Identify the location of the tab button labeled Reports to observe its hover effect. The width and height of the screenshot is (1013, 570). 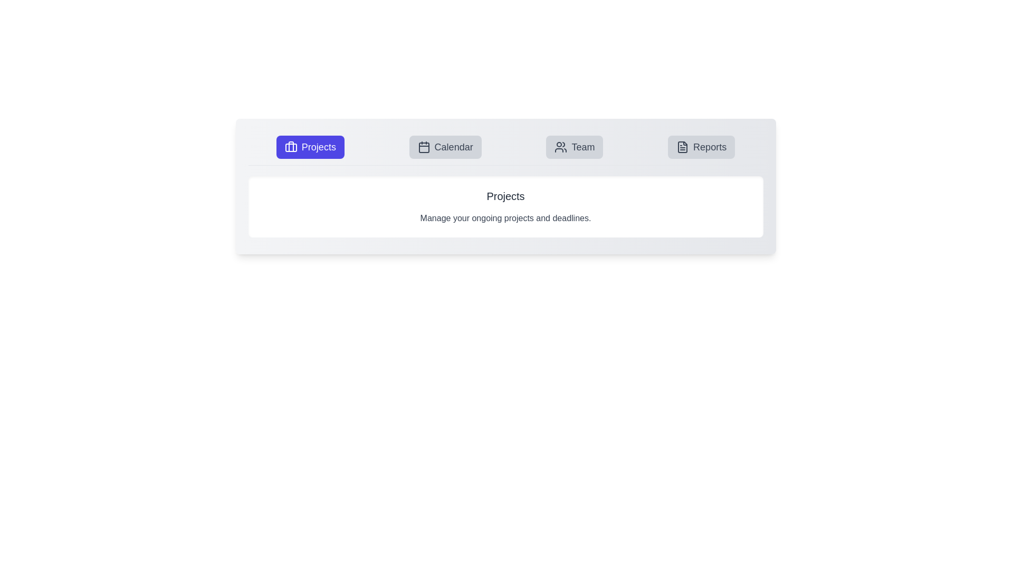
(701, 147).